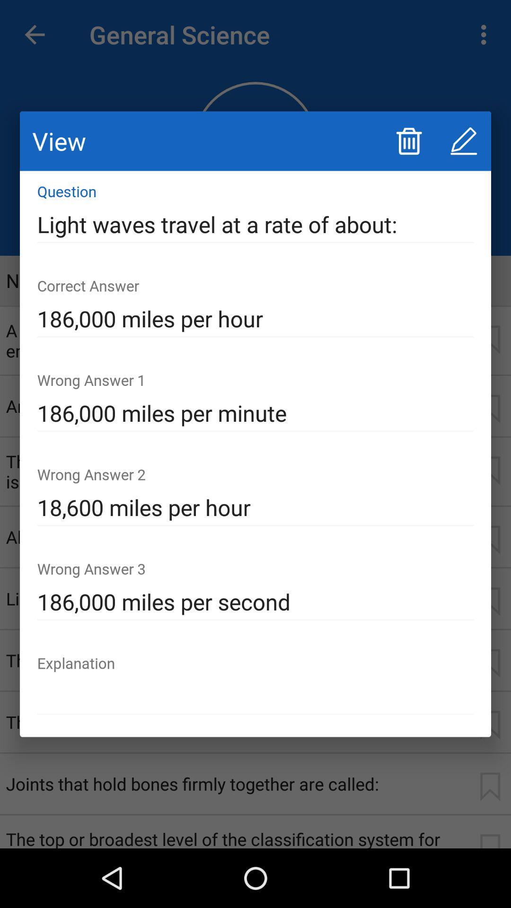 Image resolution: width=511 pixels, height=908 pixels. What do you see at coordinates (255, 507) in the screenshot?
I see `the item below the 186 000 miles icon` at bounding box center [255, 507].